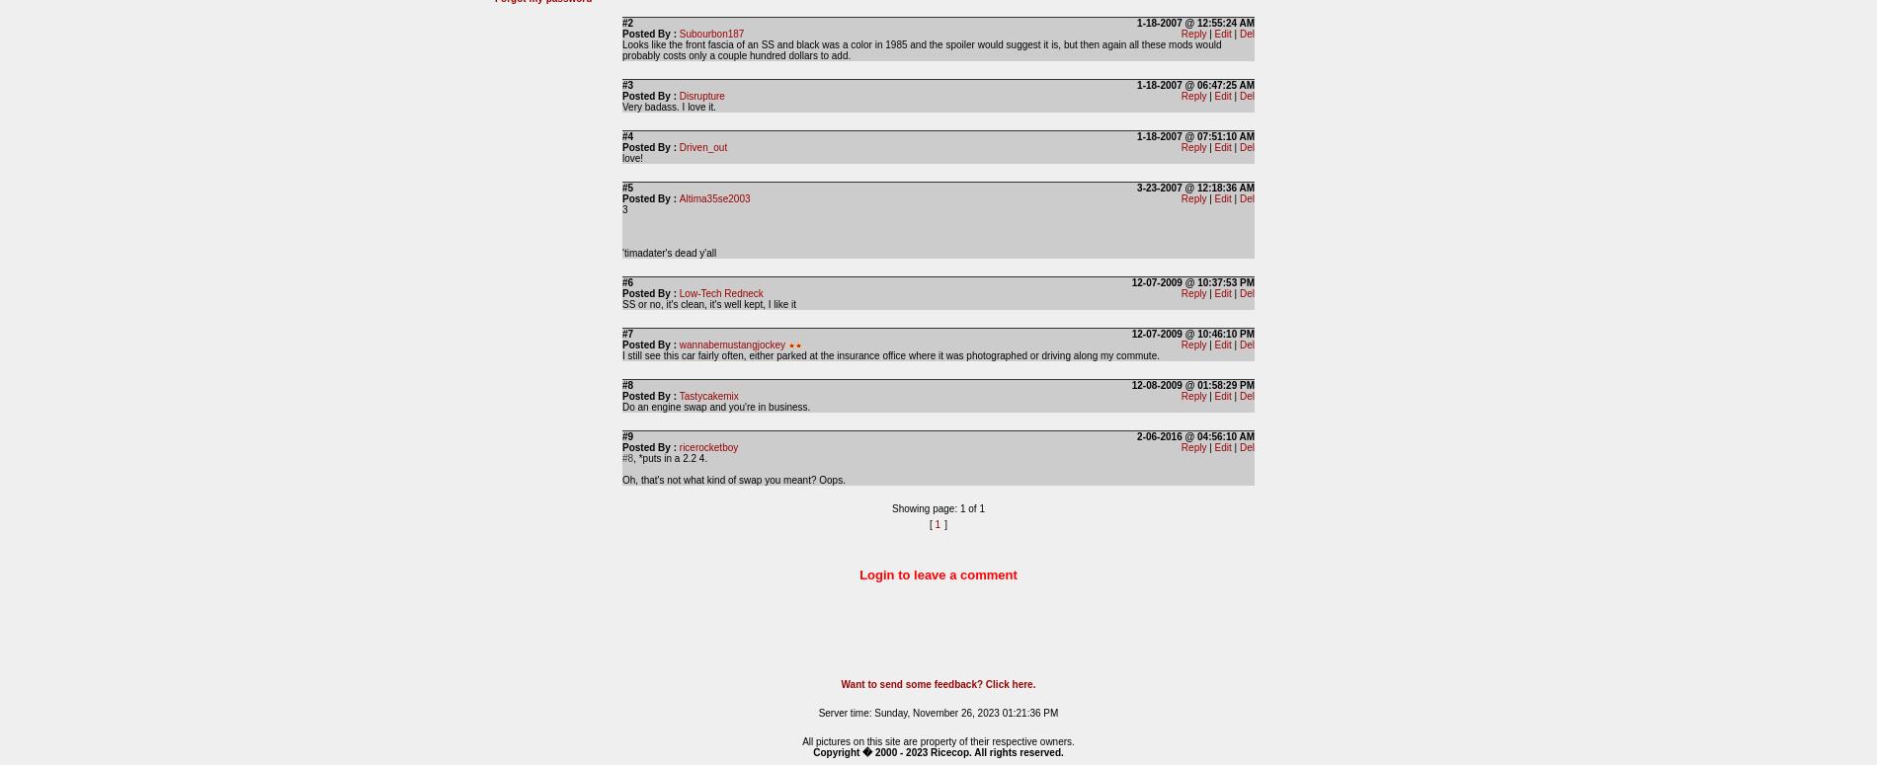 The image size is (1877, 765). What do you see at coordinates (622, 479) in the screenshot?
I see `'Oh, that's not what kind of swap you meant? Oops.'` at bounding box center [622, 479].